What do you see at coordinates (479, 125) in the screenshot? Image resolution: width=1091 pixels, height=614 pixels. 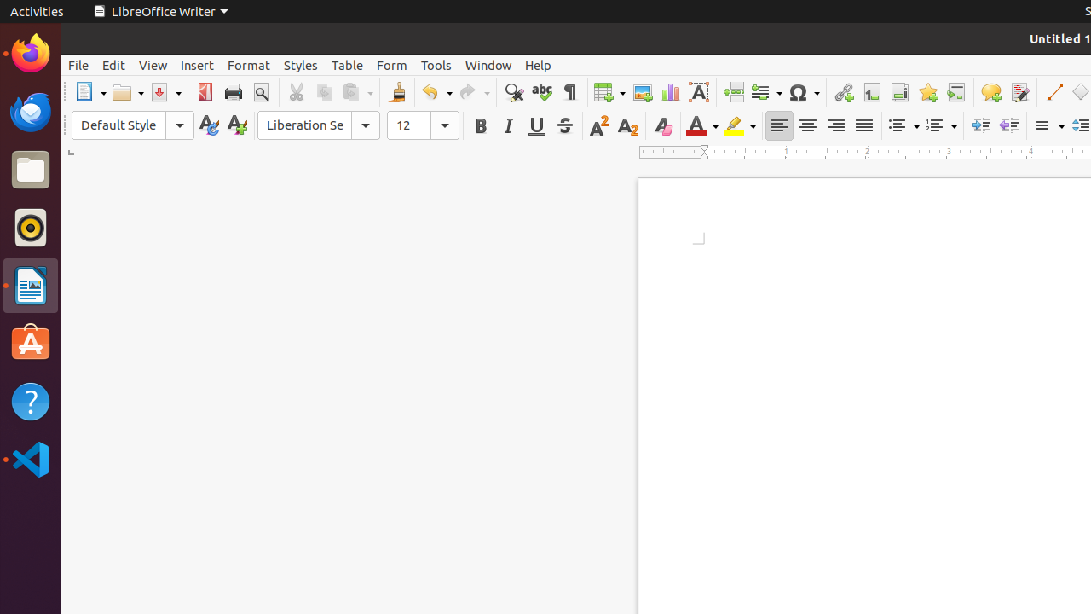 I see `'Bold'` at bounding box center [479, 125].